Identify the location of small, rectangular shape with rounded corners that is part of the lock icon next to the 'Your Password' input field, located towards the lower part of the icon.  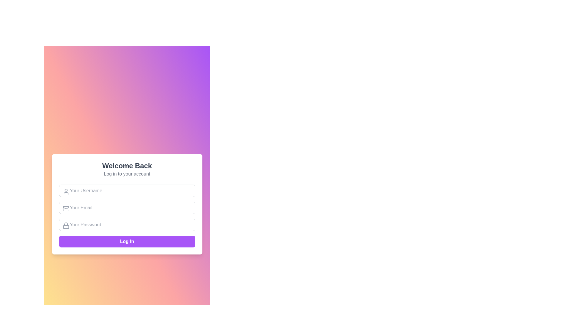
(66, 227).